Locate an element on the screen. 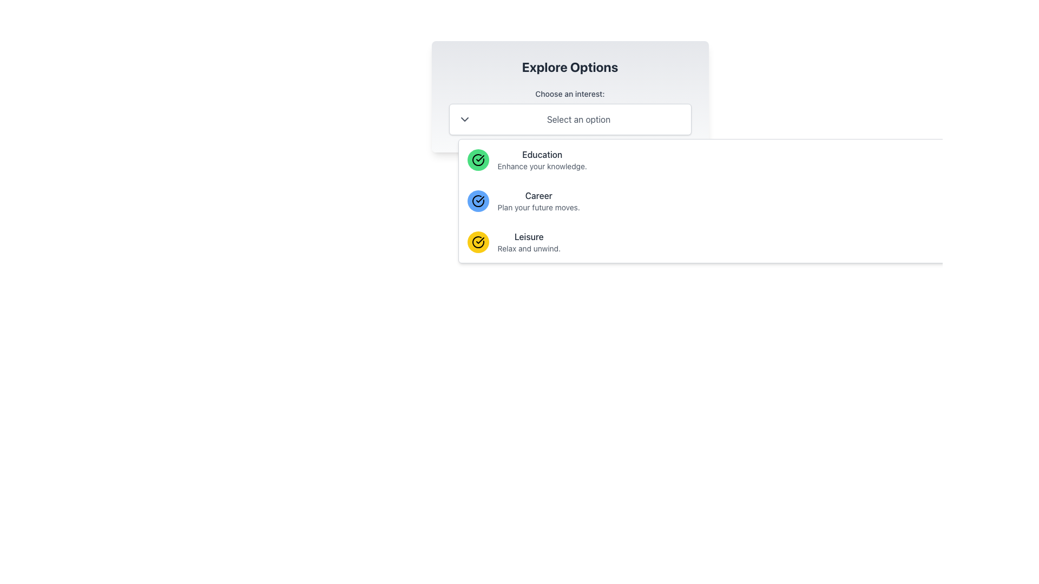  the text label 'Relax and unwind.' which is displayed in gray color and located under the 'Leisure' heading is located at coordinates (529, 248).